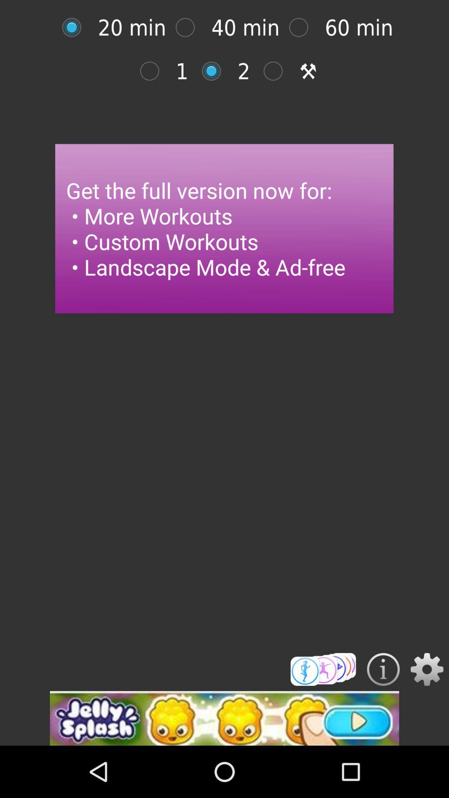 The width and height of the screenshot is (449, 798). Describe the element at coordinates (215, 71) in the screenshot. I see `an option` at that location.